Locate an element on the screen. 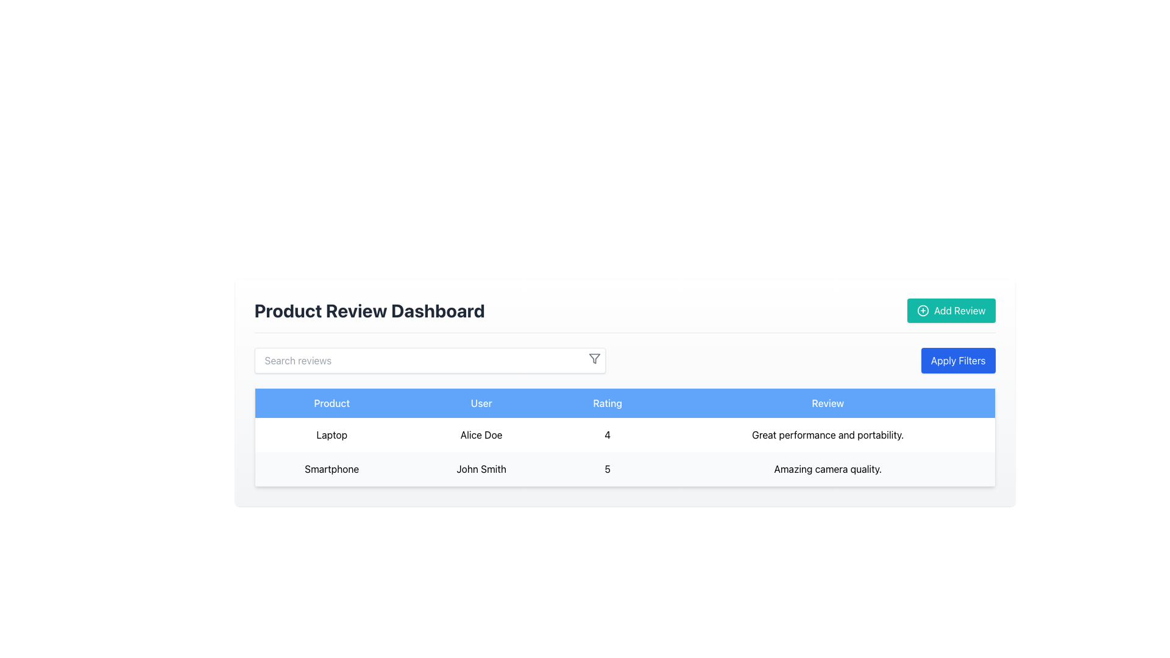  the decorative icon that visually represents the action of adding a review, positioned to the left of the 'Add Review' button text in the upper-right corner of the interface is located at coordinates (923, 310).